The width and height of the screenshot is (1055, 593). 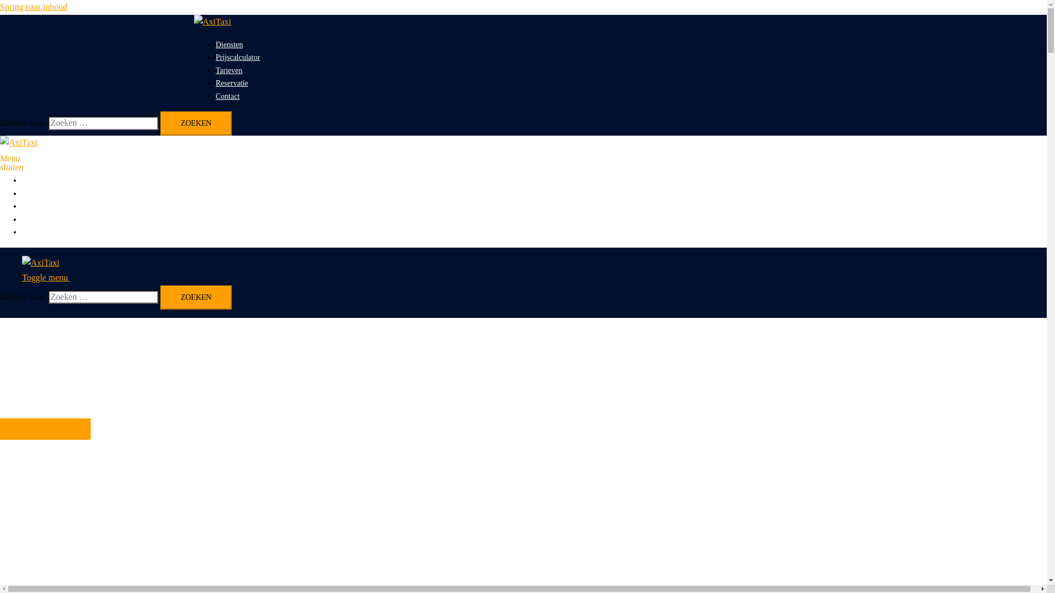 I want to click on 'Toggle menu', so click(x=49, y=277).